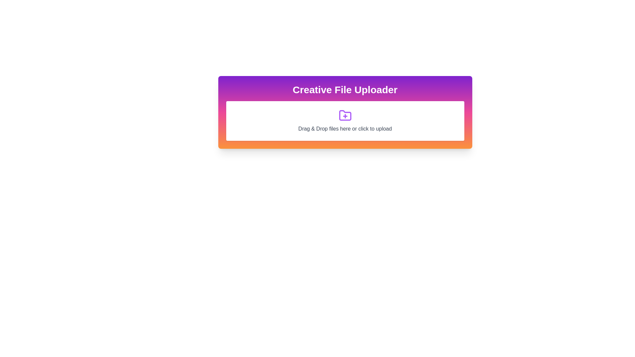  What do you see at coordinates (345, 115) in the screenshot?
I see `the upload icon in the Creative File Uploader interface to receive visual feedback` at bounding box center [345, 115].